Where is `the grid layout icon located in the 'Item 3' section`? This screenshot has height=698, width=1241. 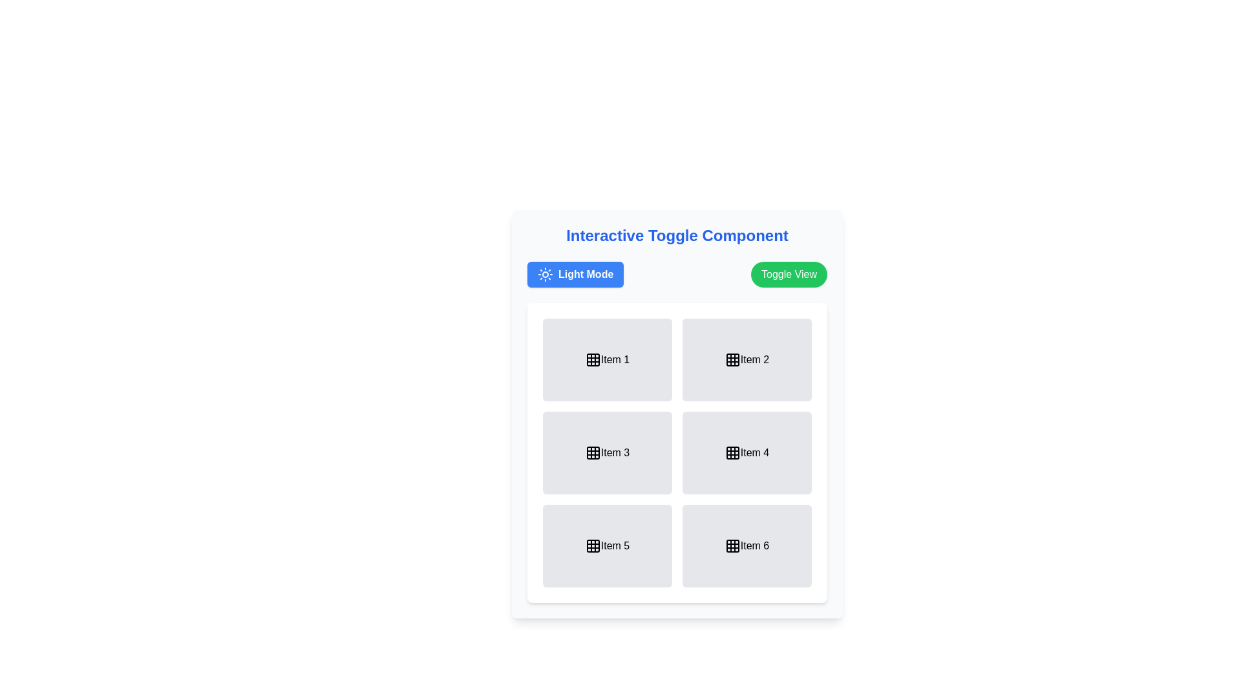 the grid layout icon located in the 'Item 3' section is located at coordinates (592, 452).